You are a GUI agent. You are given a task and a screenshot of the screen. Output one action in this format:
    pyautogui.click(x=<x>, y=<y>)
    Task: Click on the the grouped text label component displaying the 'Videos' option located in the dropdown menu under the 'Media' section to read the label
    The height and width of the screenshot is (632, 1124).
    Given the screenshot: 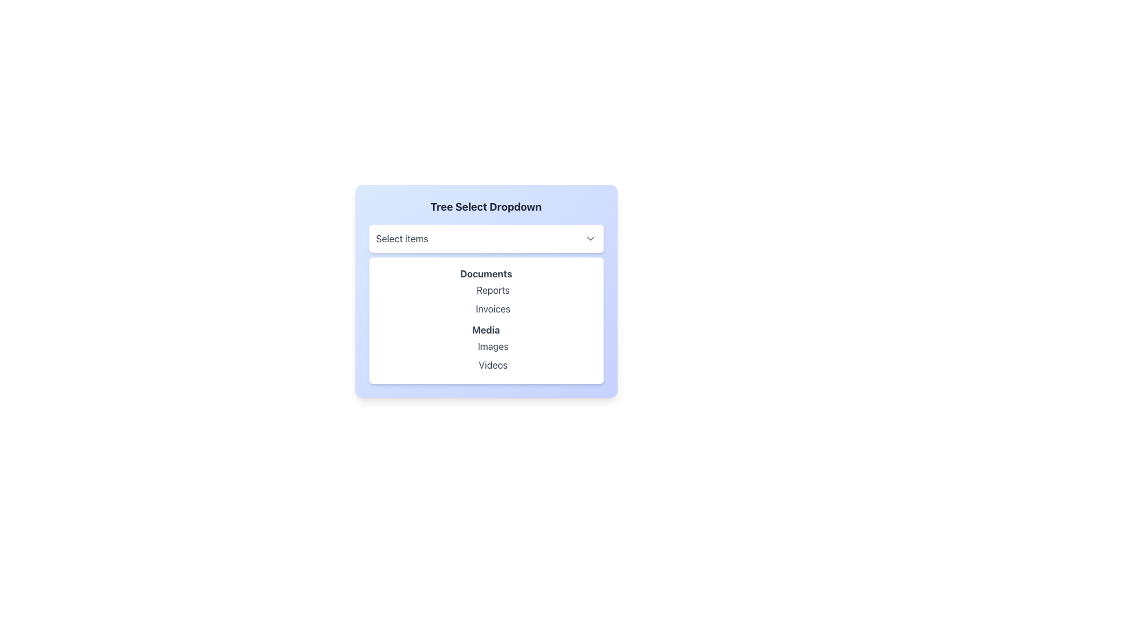 What is the action you would take?
    pyautogui.click(x=491, y=355)
    